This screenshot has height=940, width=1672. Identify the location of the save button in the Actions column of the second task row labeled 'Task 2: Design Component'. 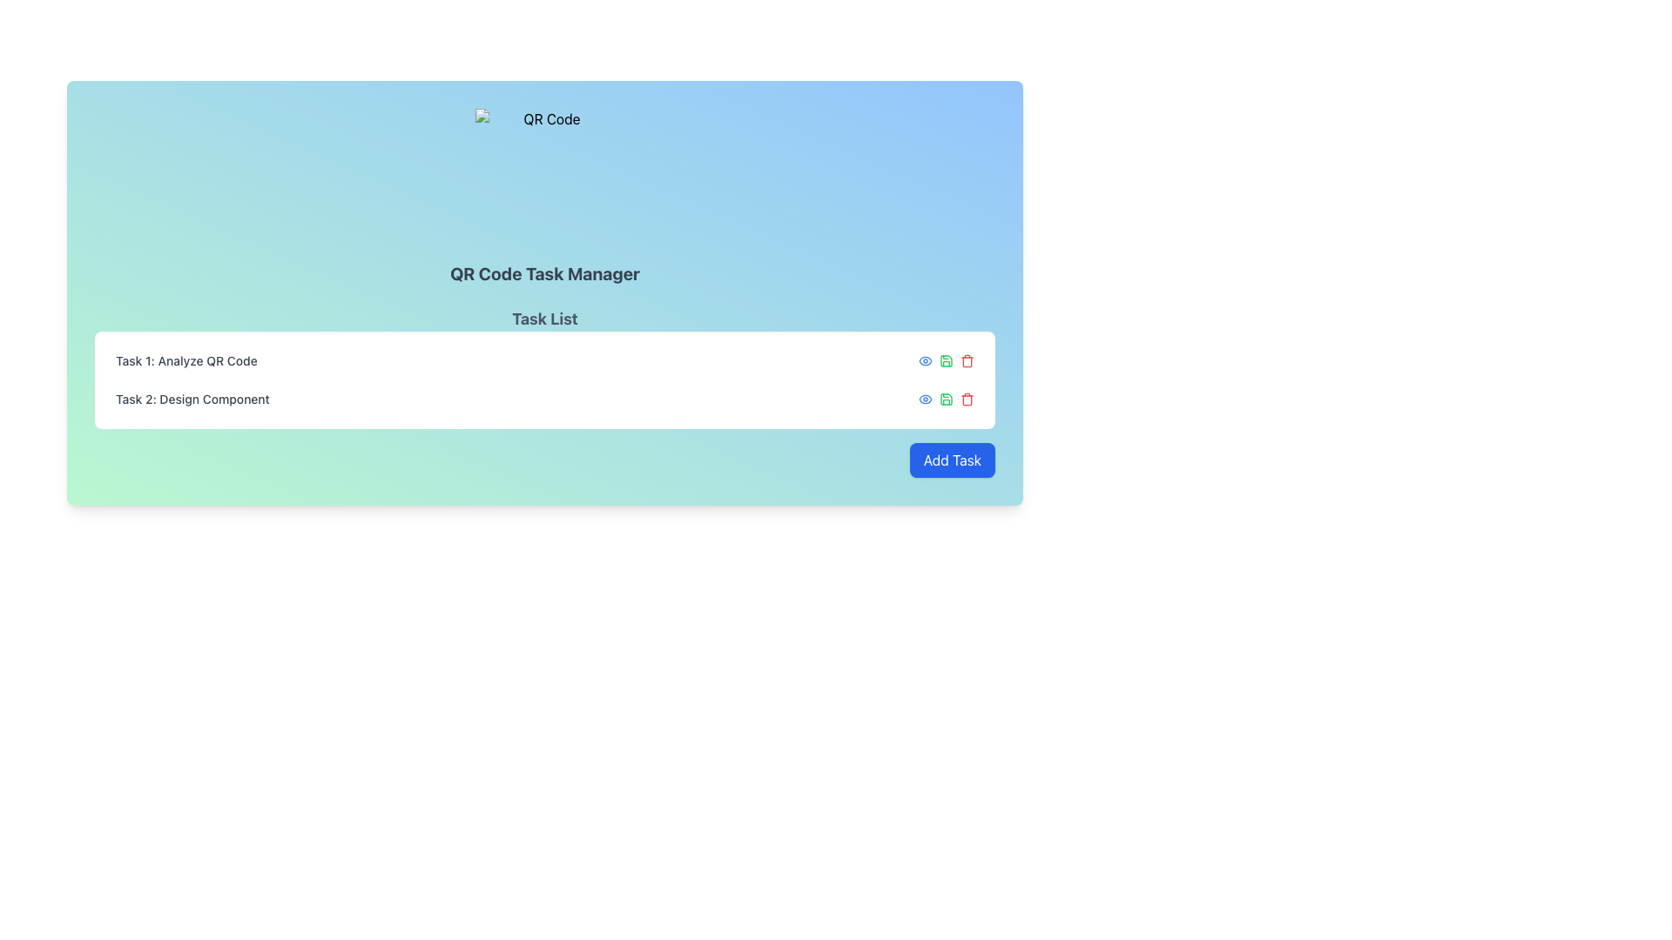
(945, 399).